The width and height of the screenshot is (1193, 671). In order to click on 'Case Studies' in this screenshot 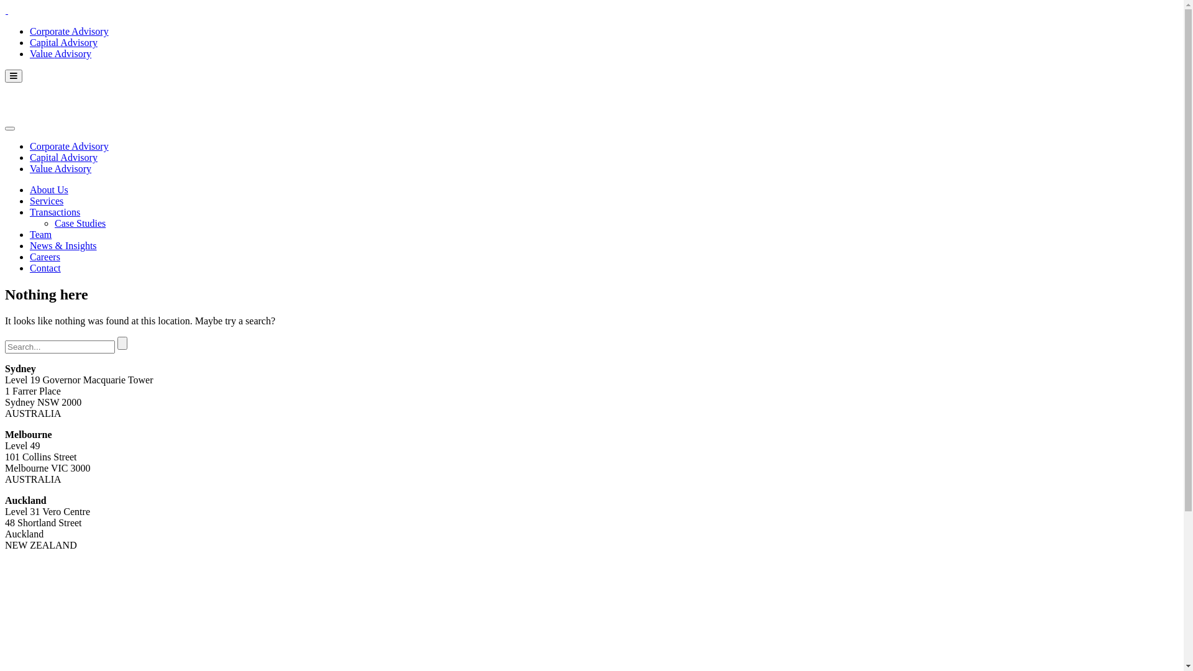, I will do `click(80, 222)`.